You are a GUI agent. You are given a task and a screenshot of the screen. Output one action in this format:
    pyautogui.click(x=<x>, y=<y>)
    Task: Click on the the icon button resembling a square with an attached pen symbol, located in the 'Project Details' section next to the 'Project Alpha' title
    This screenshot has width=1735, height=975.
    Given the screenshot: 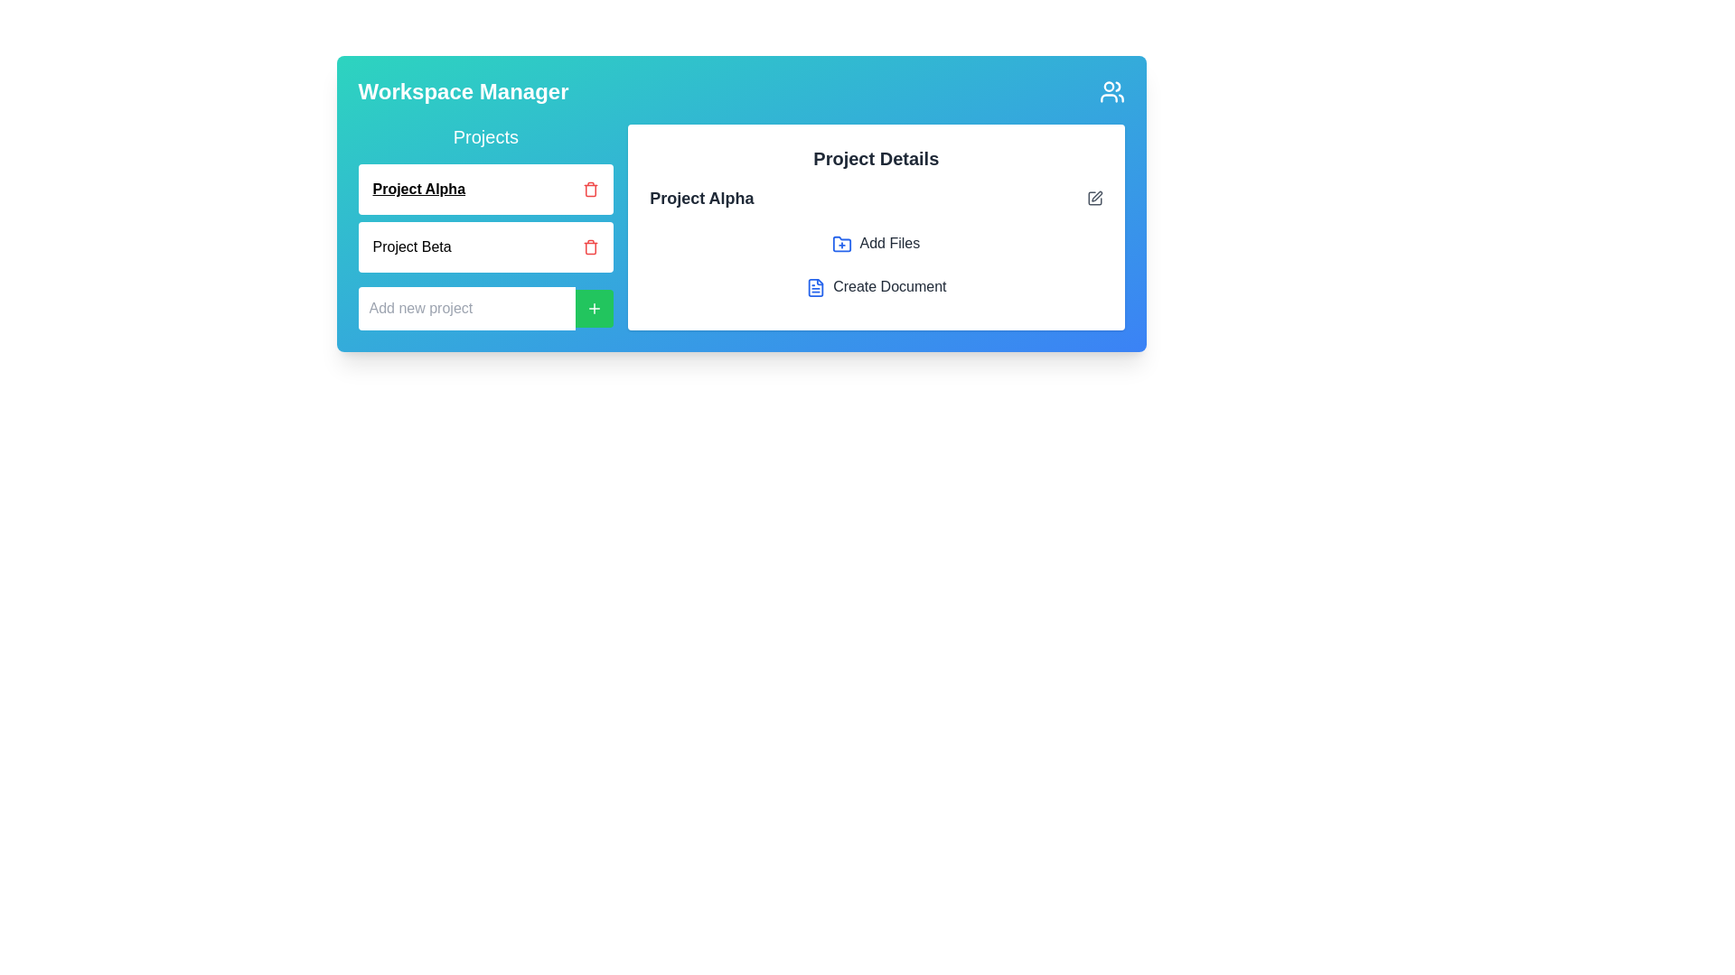 What is the action you would take?
    pyautogui.click(x=1093, y=198)
    